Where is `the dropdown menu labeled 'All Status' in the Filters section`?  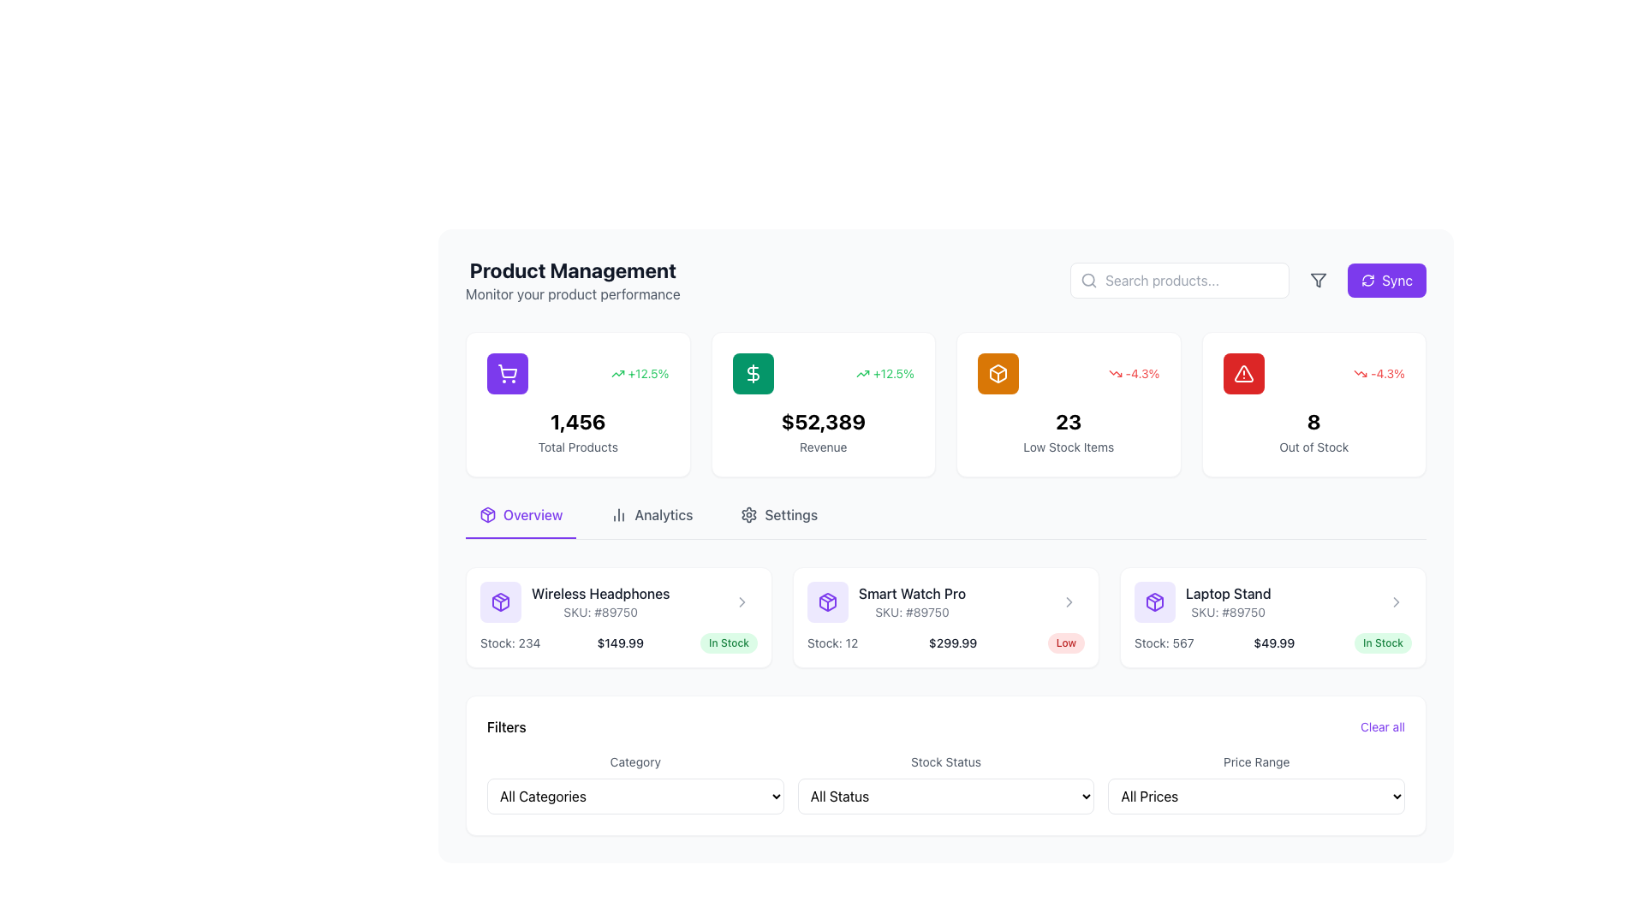
the dropdown menu labeled 'All Status' in the Filters section is located at coordinates (944, 796).